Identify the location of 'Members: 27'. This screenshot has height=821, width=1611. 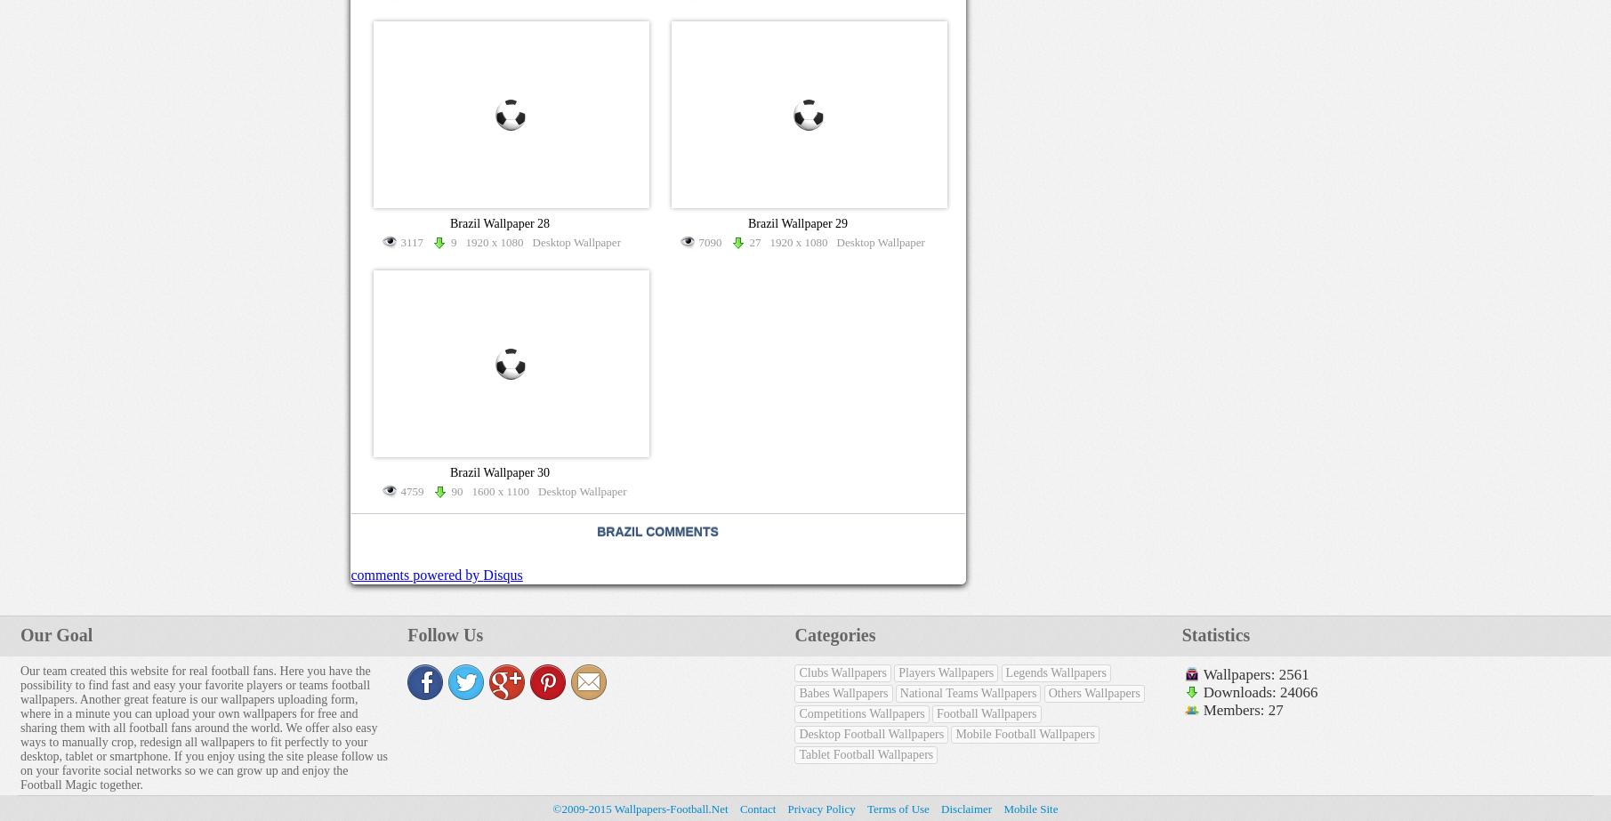
(1242, 709).